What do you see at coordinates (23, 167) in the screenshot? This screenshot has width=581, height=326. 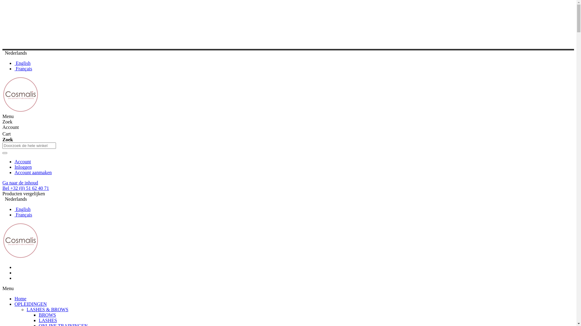 I see `'Inloggen'` at bounding box center [23, 167].